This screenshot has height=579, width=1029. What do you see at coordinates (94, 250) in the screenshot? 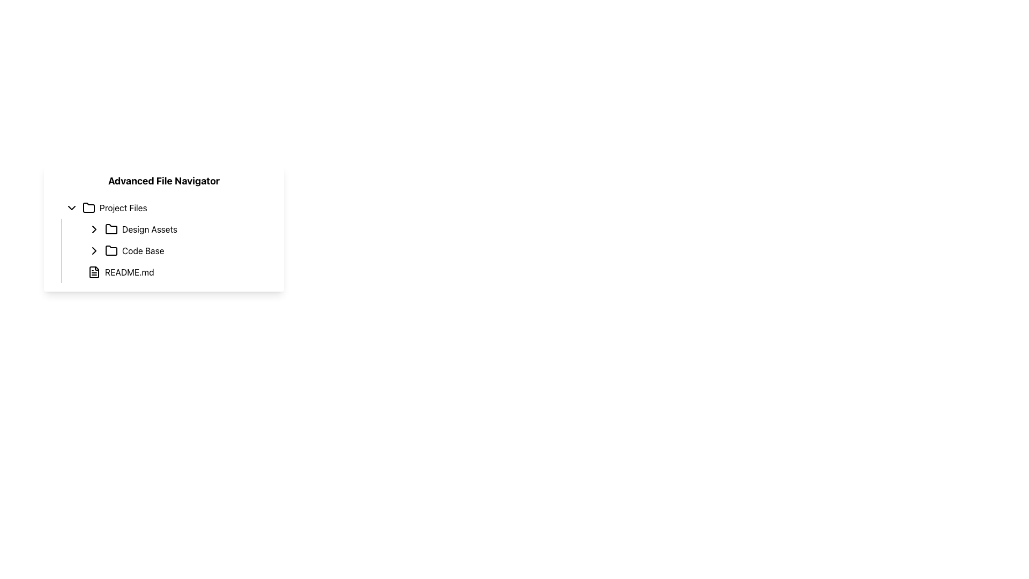
I see `the chevron icon located to the left of the 'Code Base' label` at bounding box center [94, 250].